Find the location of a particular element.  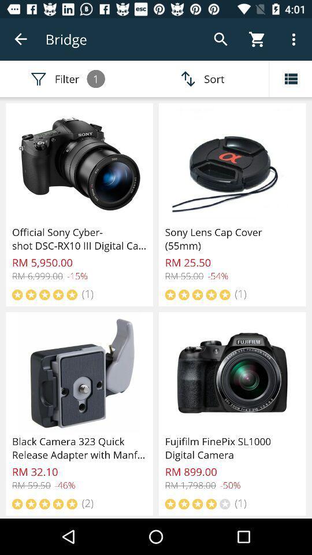

filter is located at coordinates (290, 78).